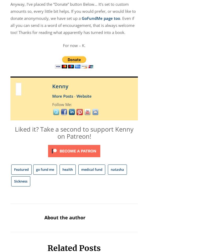 The width and height of the screenshot is (222, 252). I want to click on 'For now – K.', so click(63, 45).